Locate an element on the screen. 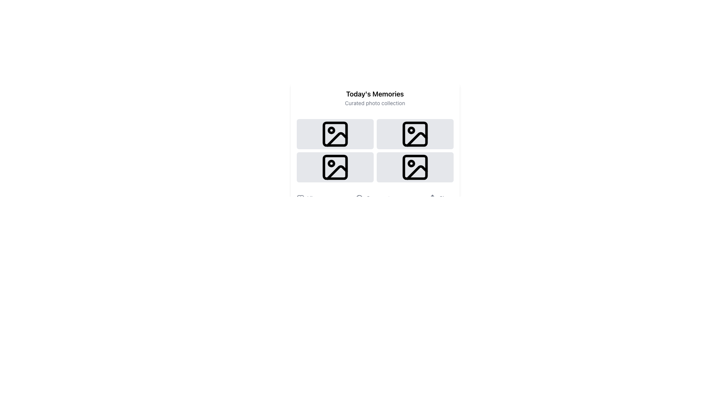 The width and height of the screenshot is (724, 407). the heart icon located in the lower-left part of the interface, adjacent to other interactive elements is located at coordinates (300, 197).